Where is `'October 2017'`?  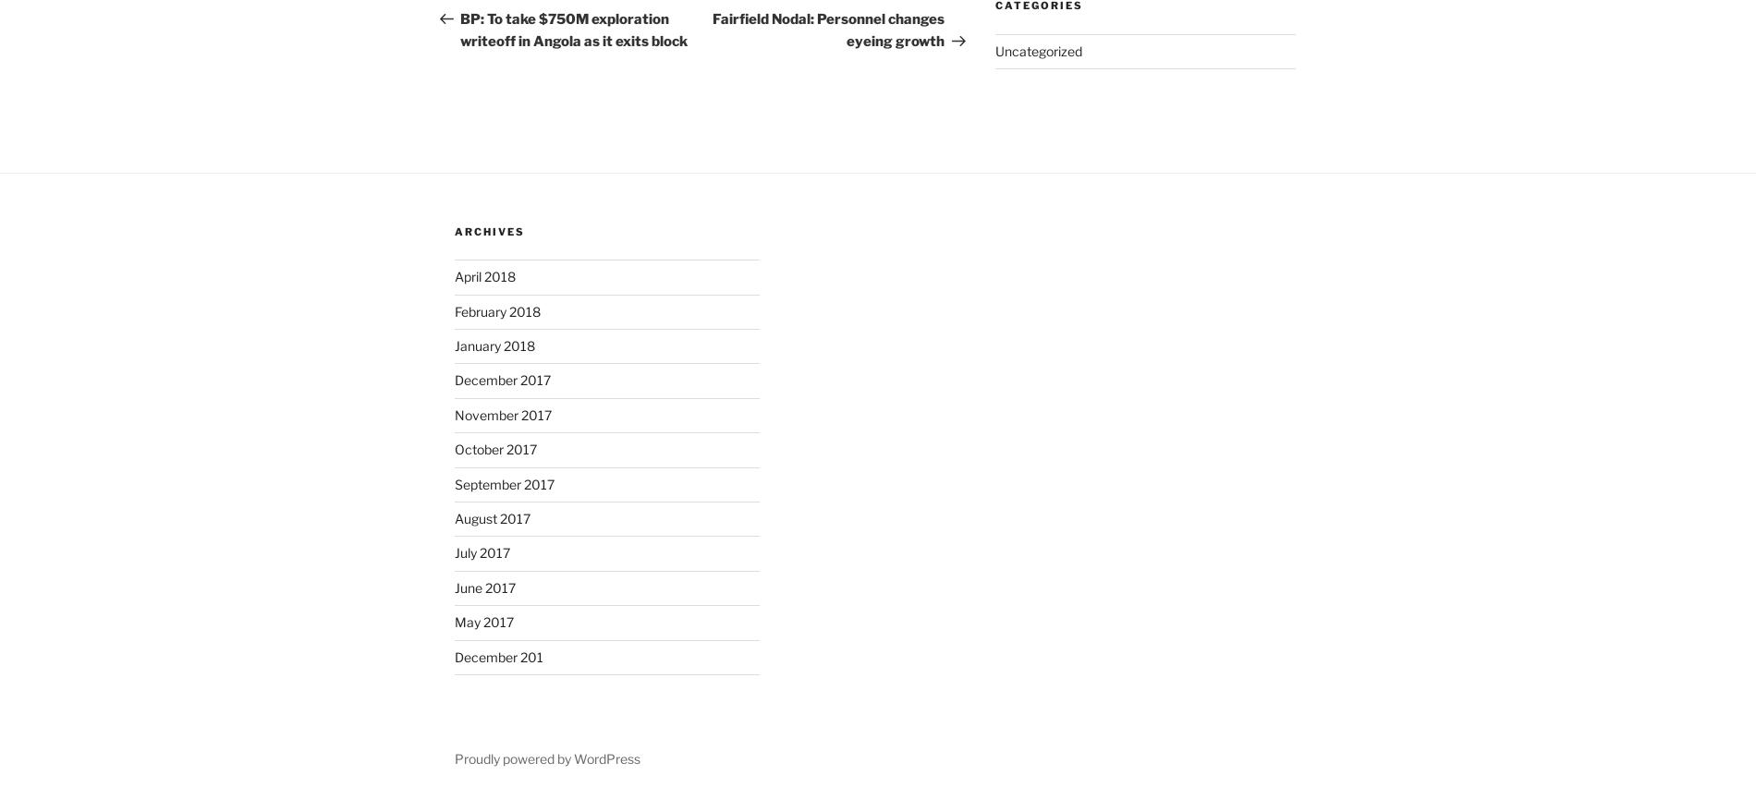
'October 2017' is located at coordinates (495, 448).